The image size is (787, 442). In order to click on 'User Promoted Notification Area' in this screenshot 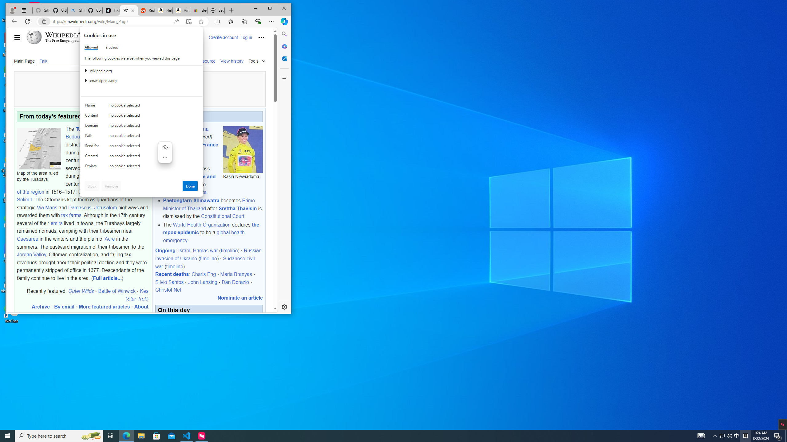, I will do `click(726, 435)`.